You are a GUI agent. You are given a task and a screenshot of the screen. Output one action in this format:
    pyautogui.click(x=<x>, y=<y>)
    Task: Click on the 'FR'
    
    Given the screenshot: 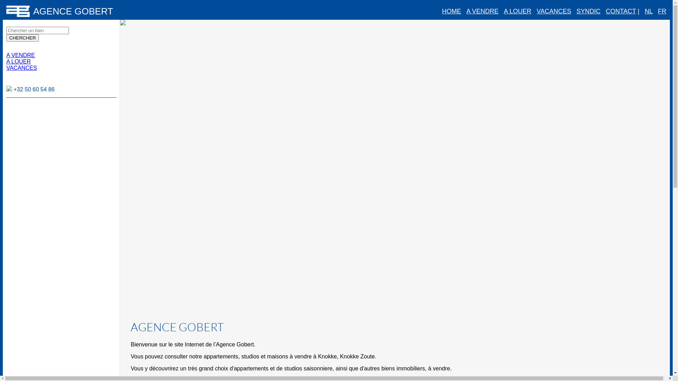 What is the action you would take?
    pyautogui.click(x=662, y=11)
    